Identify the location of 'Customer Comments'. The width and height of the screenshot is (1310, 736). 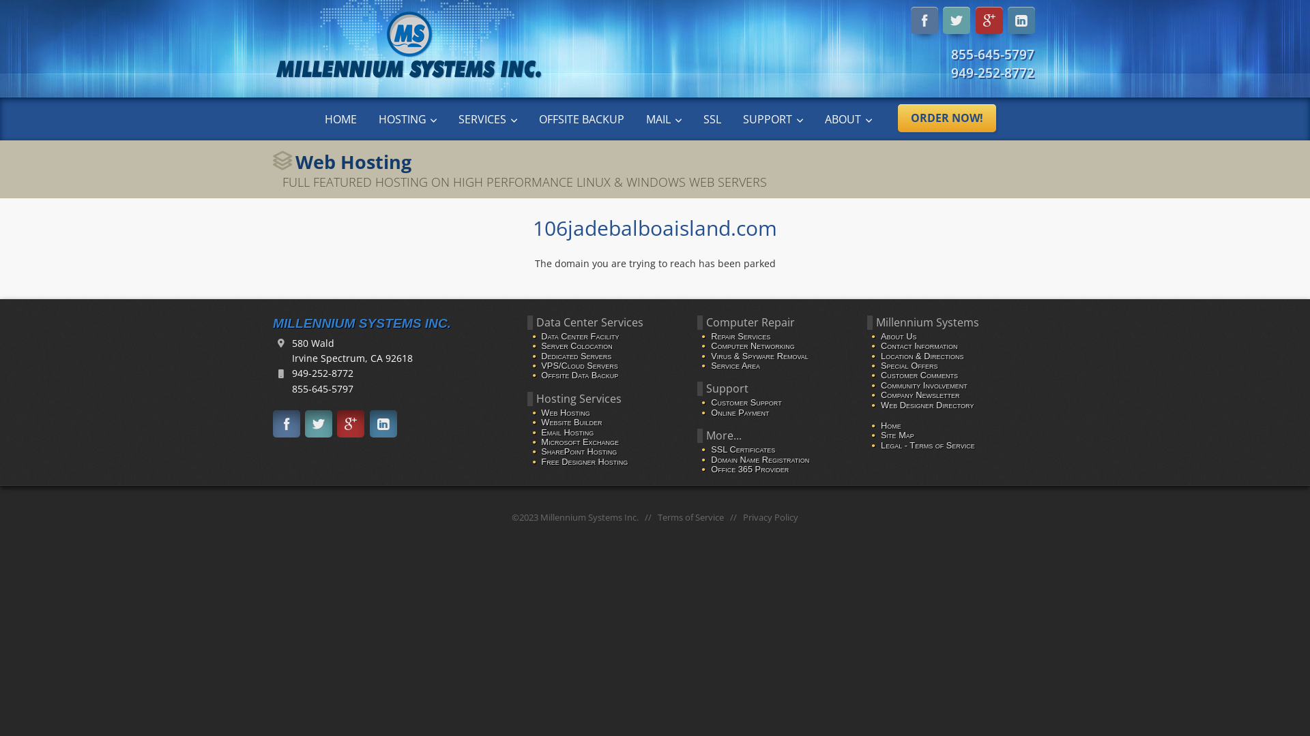
(881, 375).